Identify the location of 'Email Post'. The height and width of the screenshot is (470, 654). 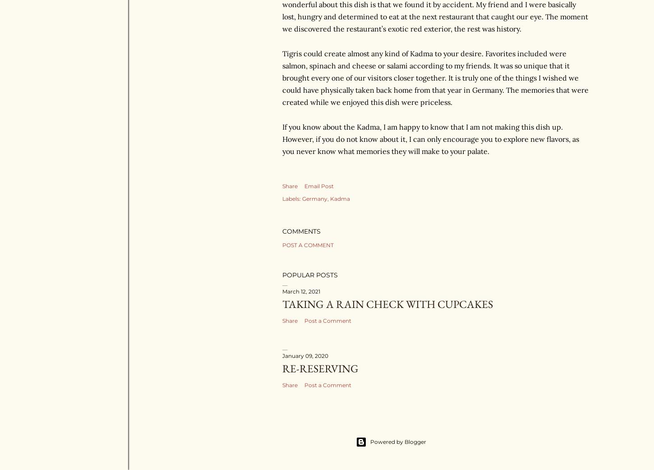
(304, 185).